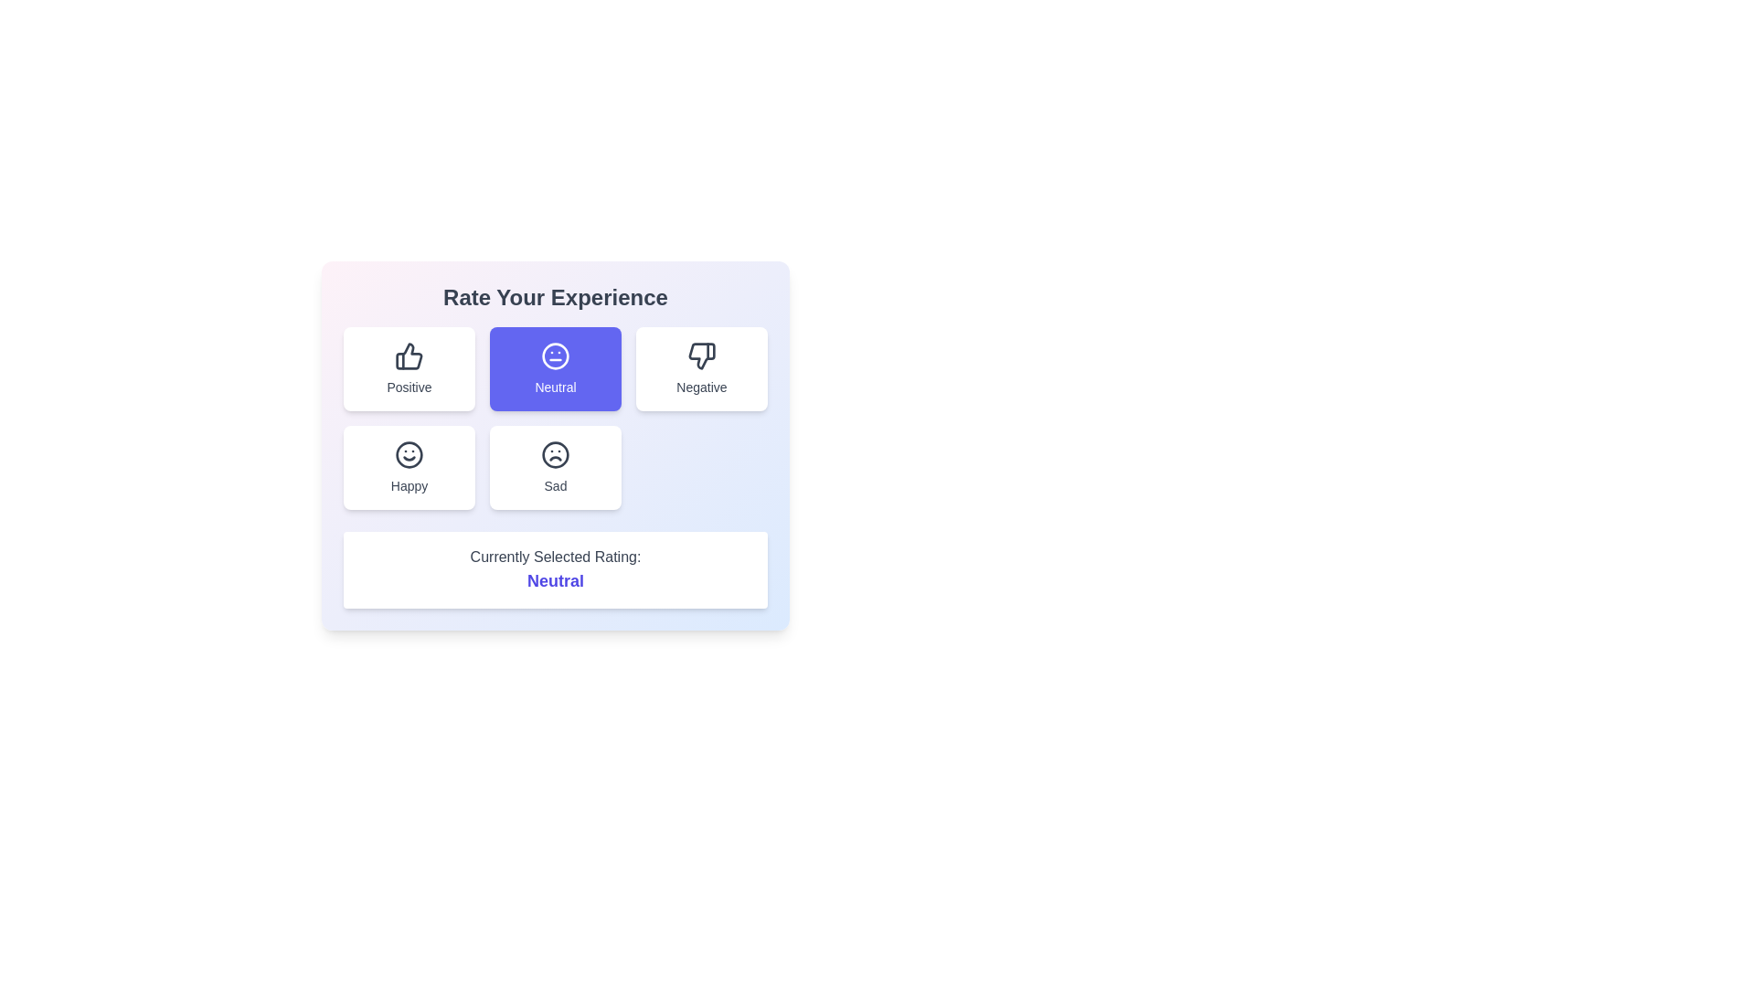 The height and width of the screenshot is (987, 1755). I want to click on the Happy button to change the selected rating, so click(408, 467).